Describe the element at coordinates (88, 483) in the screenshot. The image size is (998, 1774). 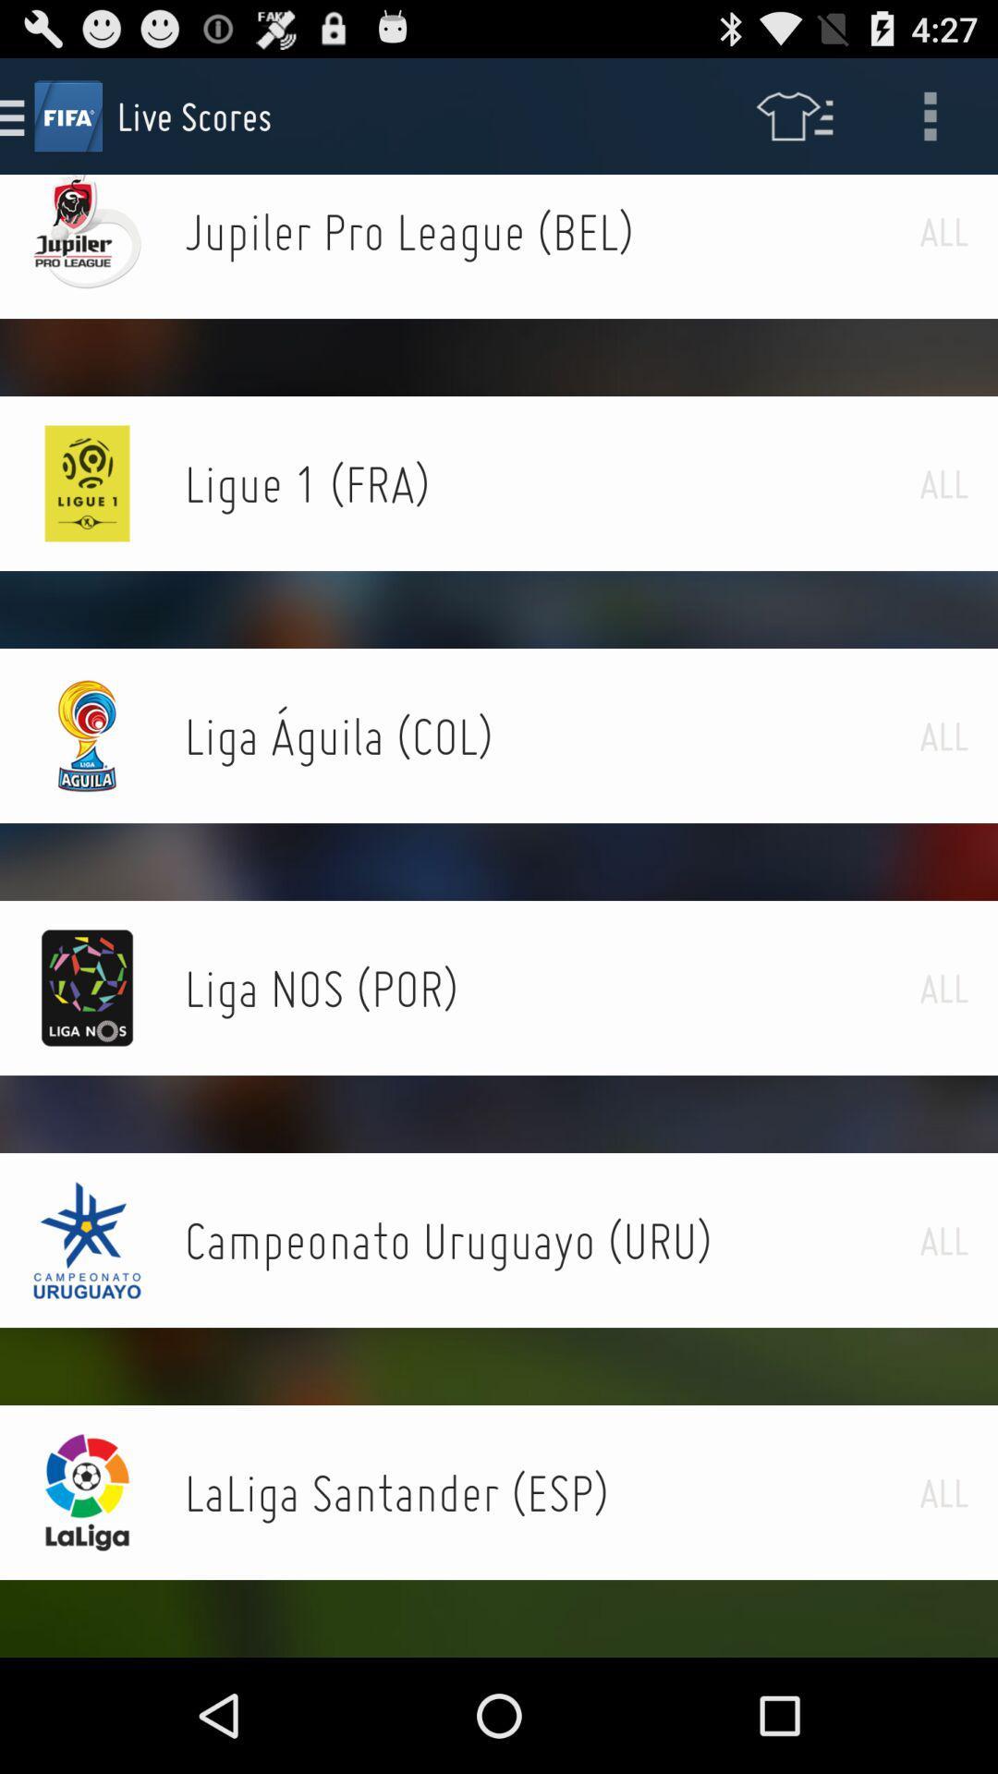
I see `the icon which is left to text ligue 1 fra` at that location.